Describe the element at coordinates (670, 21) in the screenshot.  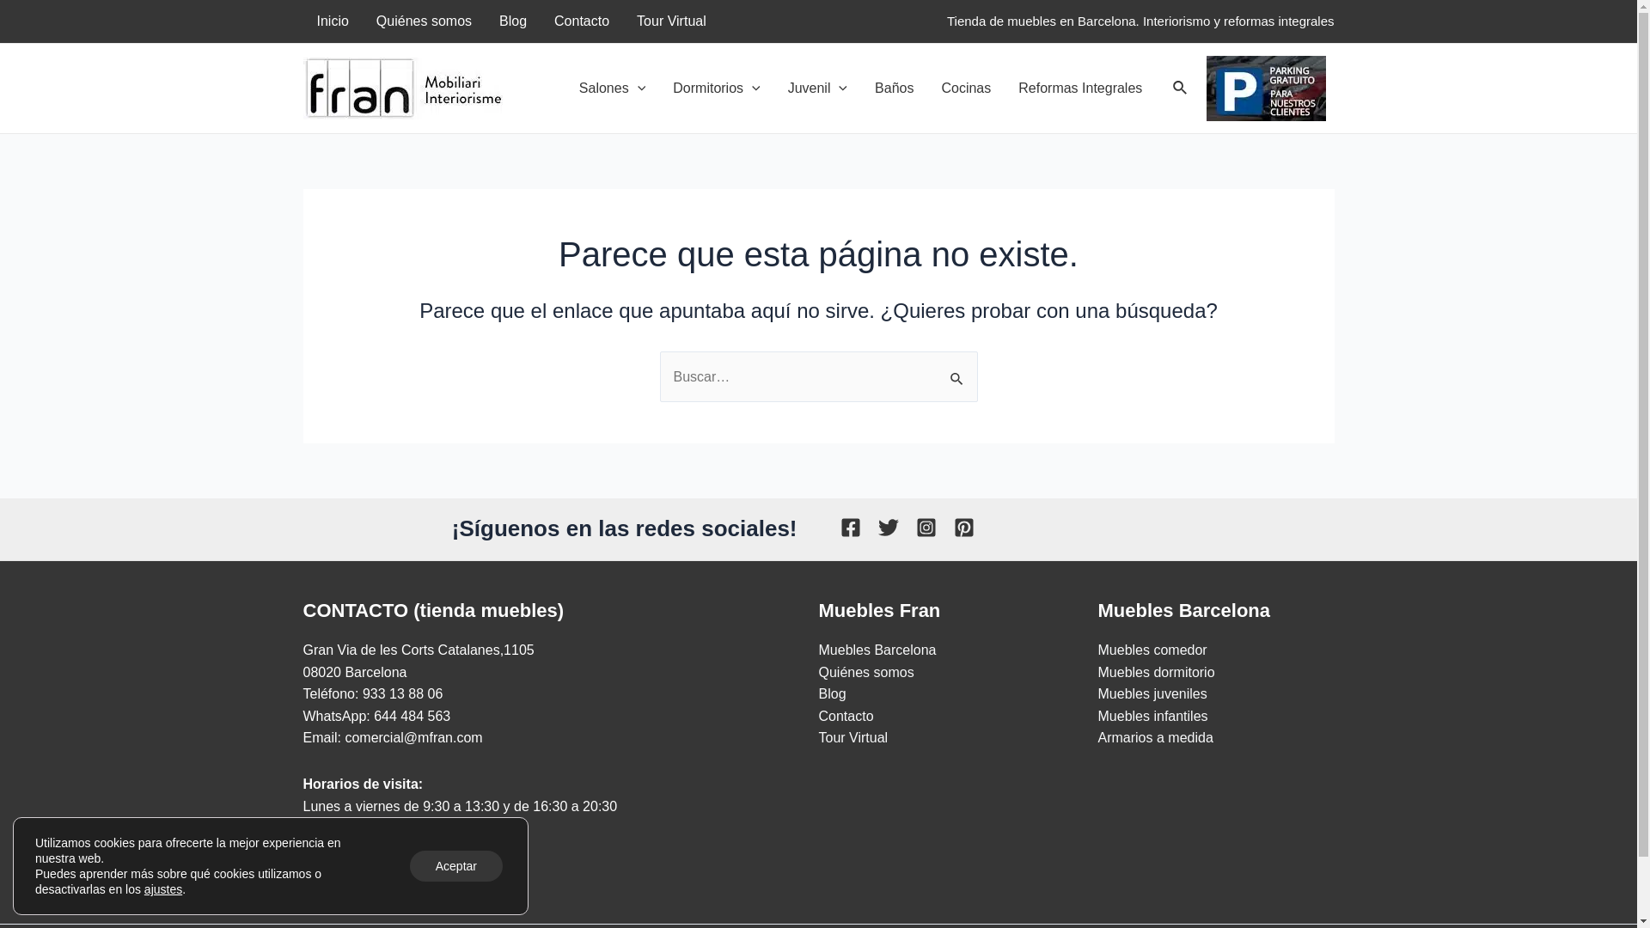
I see `'Tour Virtual'` at that location.